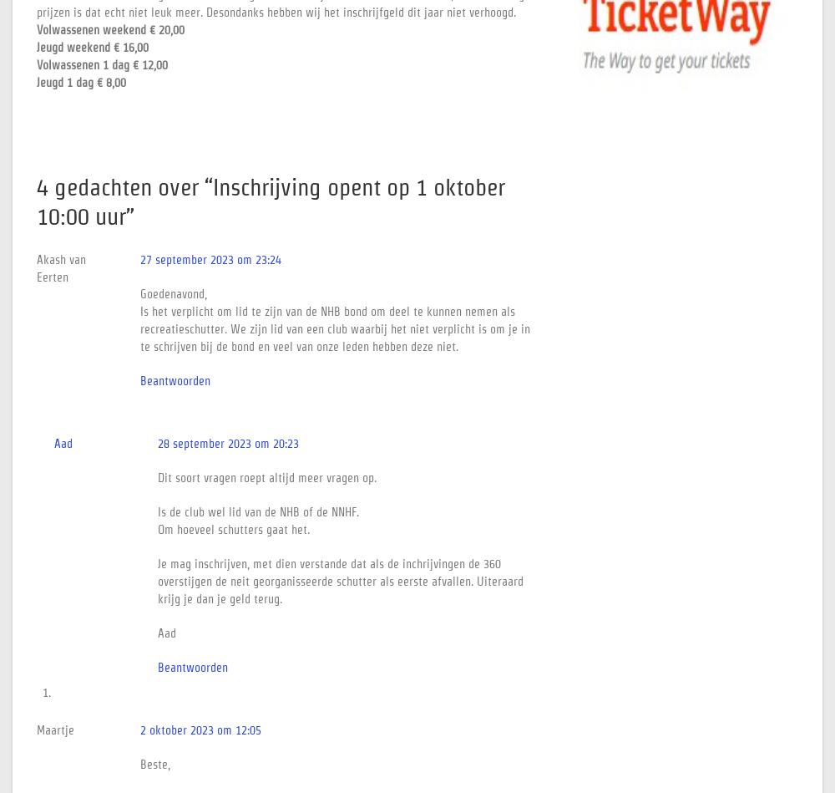 The image size is (835, 793). I want to click on 'Jeugd 1 dag € 8,00', so click(80, 82).